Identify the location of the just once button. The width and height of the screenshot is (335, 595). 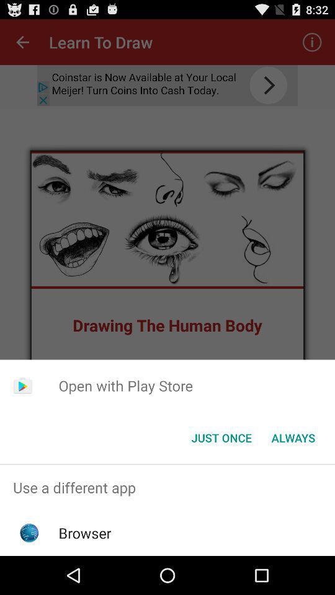
(221, 438).